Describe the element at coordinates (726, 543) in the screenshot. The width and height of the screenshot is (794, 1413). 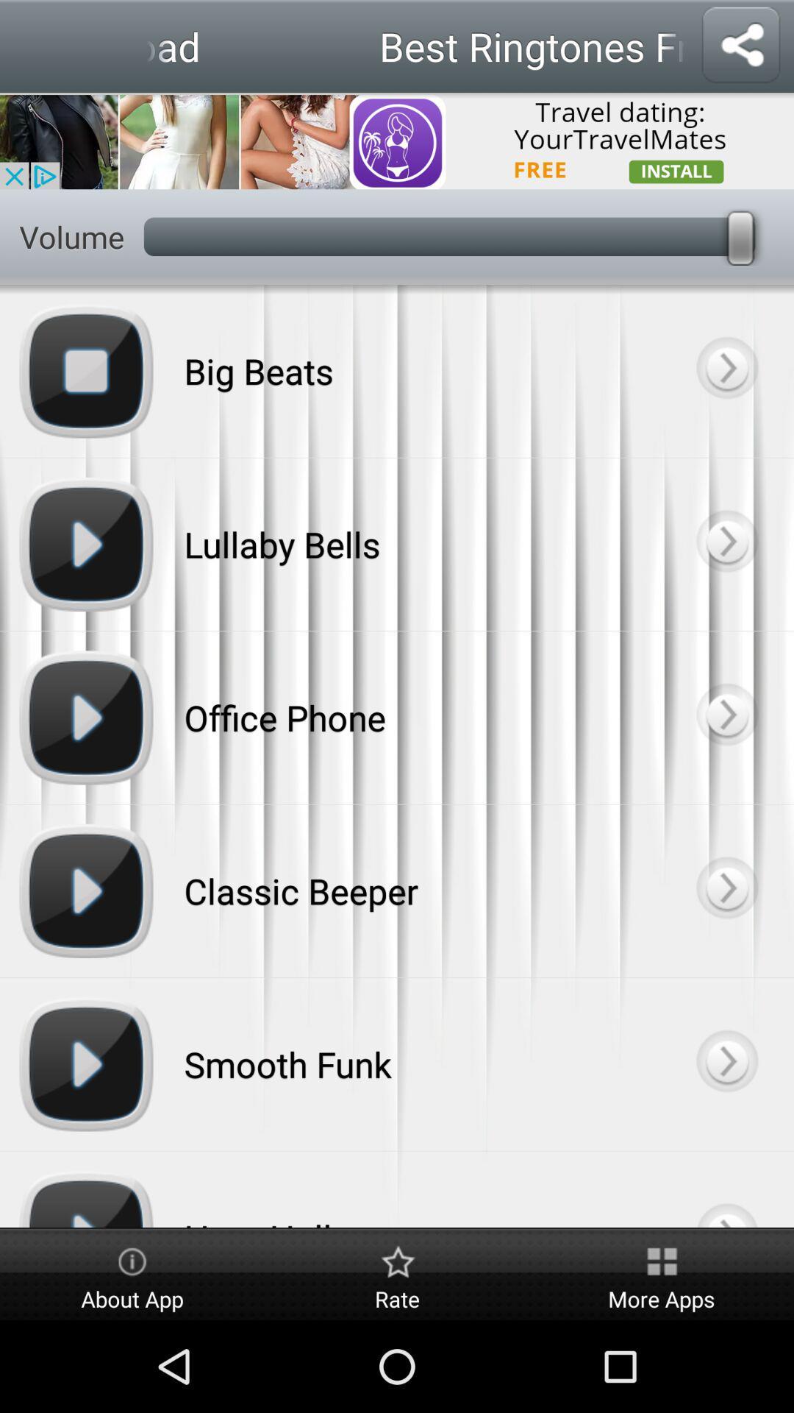
I see `options page` at that location.